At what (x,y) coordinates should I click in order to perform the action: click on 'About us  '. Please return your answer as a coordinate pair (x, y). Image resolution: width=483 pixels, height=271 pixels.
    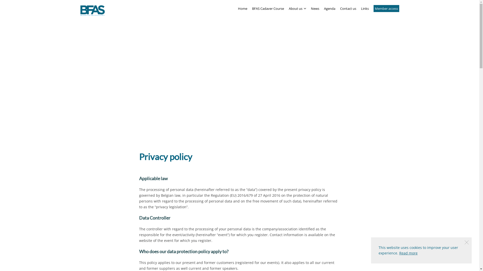
    Looking at the image, I should click on (297, 9).